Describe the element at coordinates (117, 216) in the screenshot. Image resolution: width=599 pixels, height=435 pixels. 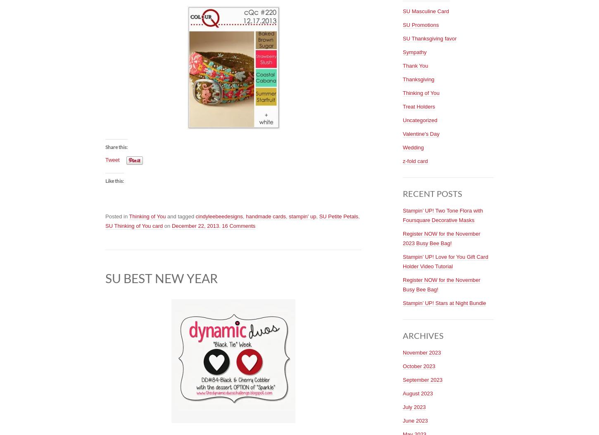
I see `'Posted in'` at that location.